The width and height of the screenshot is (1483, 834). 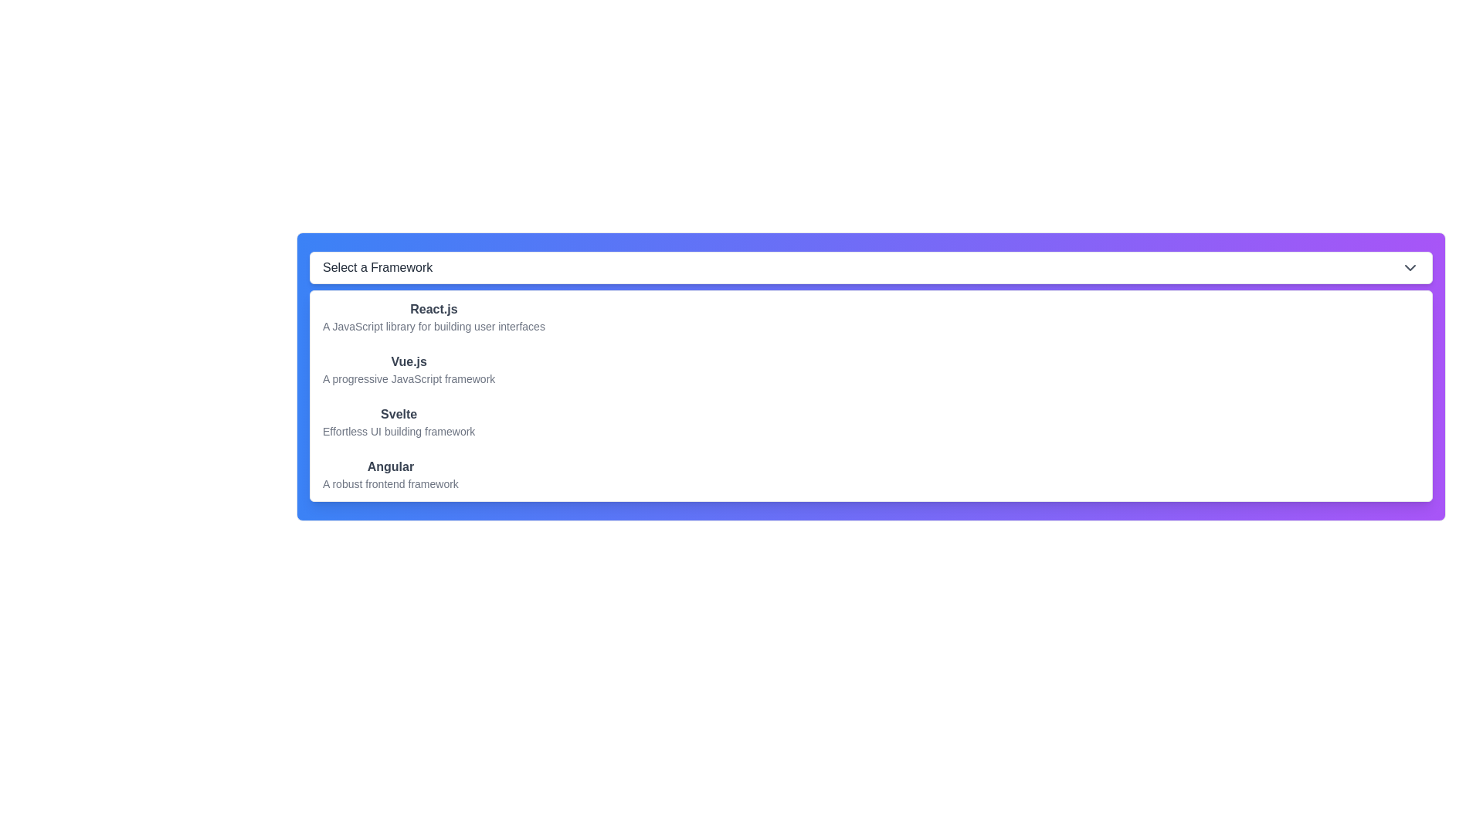 What do you see at coordinates (399, 413) in the screenshot?
I see `the bold title text representing the 'Svelte' framework in the dropdown menu, which helps users identify the framework selection option` at bounding box center [399, 413].